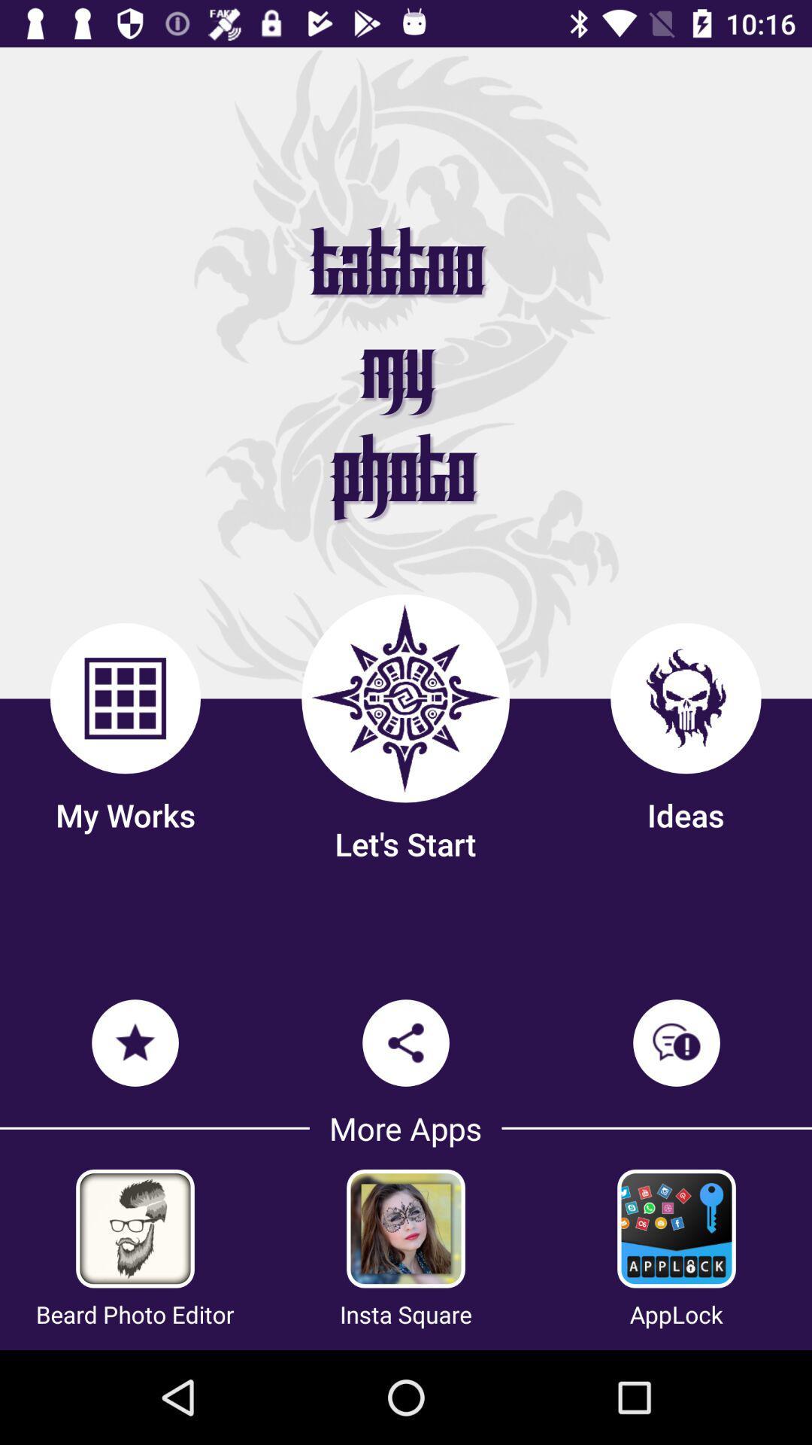 The image size is (812, 1445). What do you see at coordinates (675, 1313) in the screenshot?
I see `applock icon` at bounding box center [675, 1313].